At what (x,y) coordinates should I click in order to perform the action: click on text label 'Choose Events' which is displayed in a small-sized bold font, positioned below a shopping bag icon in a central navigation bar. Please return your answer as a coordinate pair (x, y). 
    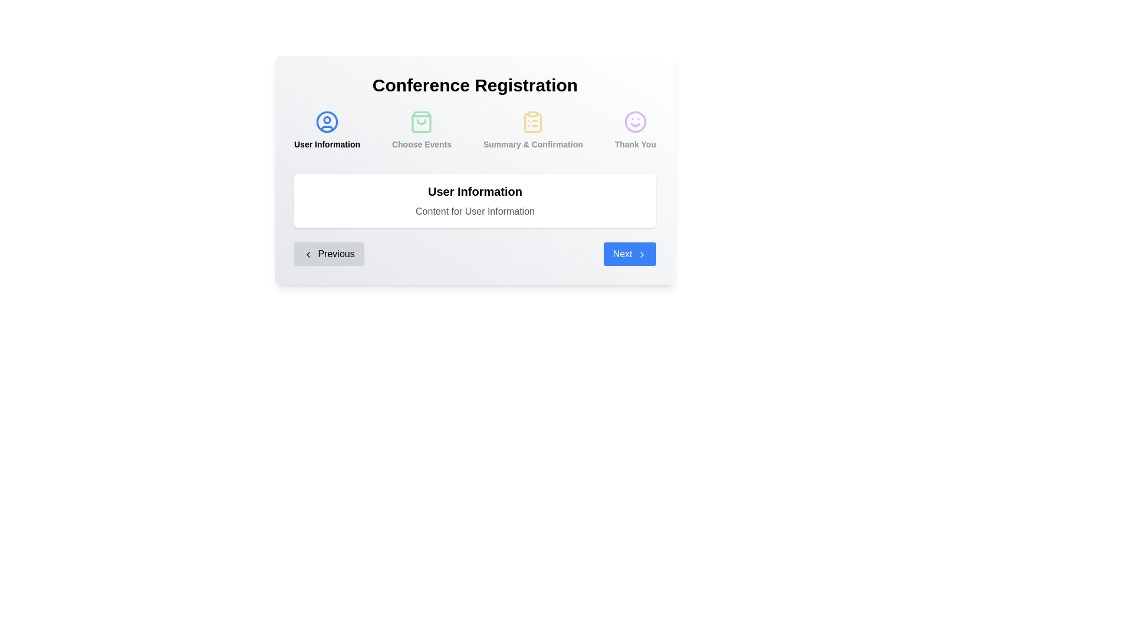
    Looking at the image, I should click on (422, 144).